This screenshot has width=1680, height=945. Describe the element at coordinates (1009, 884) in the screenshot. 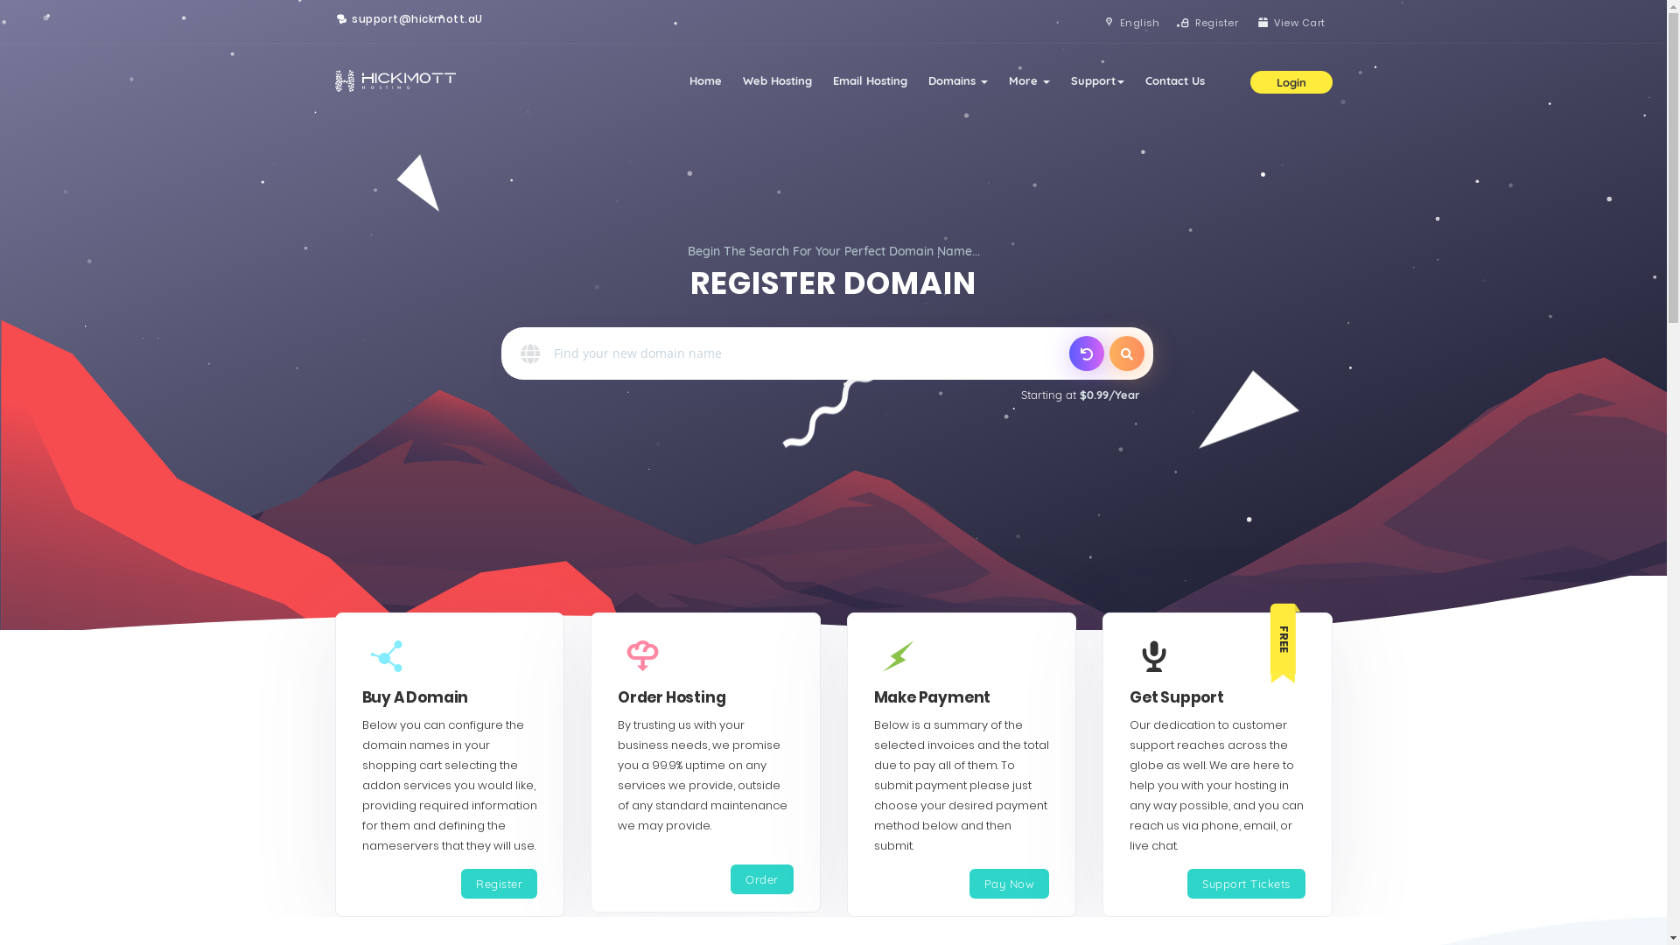

I see `'Pay Now'` at that location.